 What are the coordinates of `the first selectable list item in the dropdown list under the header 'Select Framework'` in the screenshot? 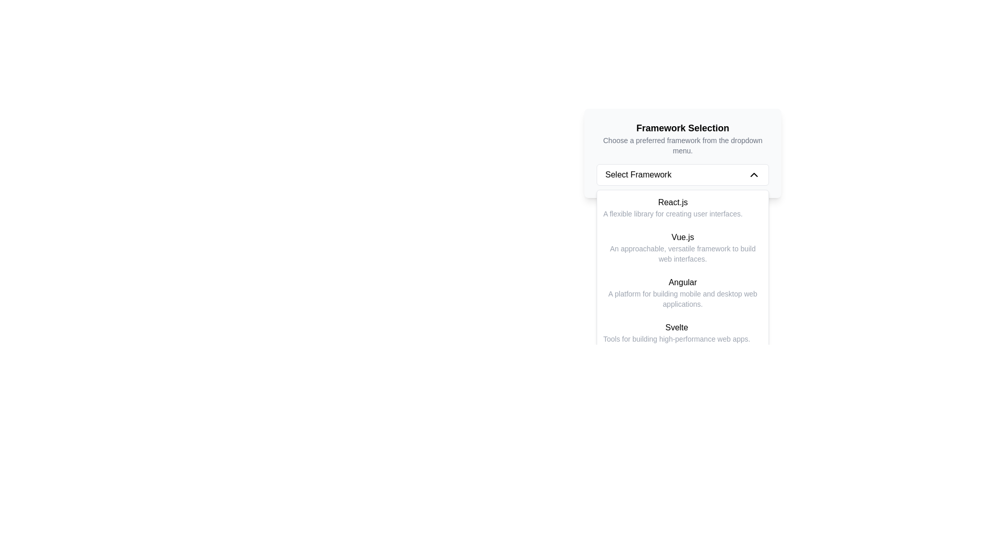 It's located at (682, 208).